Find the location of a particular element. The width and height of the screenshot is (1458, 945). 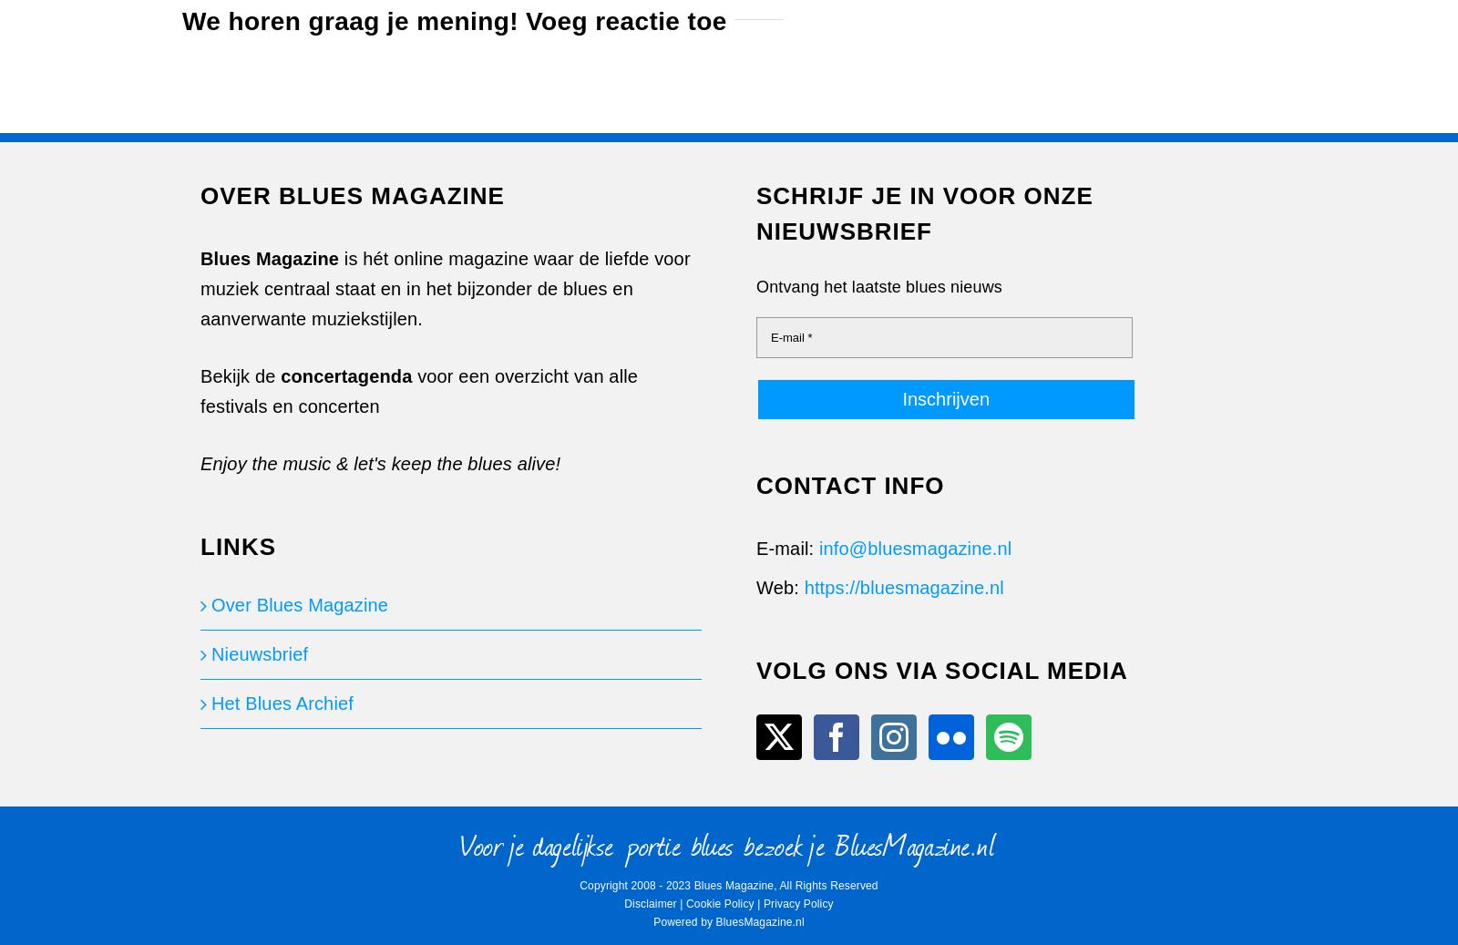

'is hét online magazine waar de liefde voor muziek centraal staat en in het bijzonder de blues en aanverwante muziekstijlen.' is located at coordinates (444, 288).